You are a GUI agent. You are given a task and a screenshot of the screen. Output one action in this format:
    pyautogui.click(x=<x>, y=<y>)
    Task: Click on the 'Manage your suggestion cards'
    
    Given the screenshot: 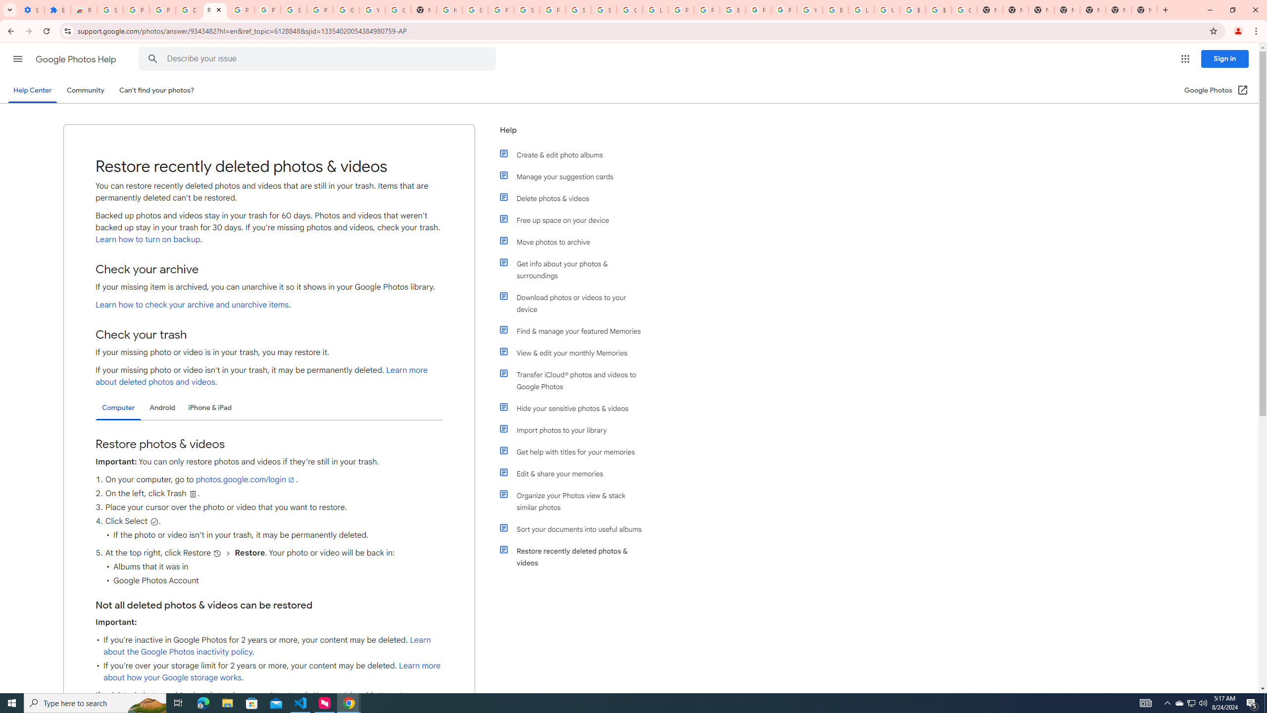 What is the action you would take?
    pyautogui.click(x=575, y=176)
    